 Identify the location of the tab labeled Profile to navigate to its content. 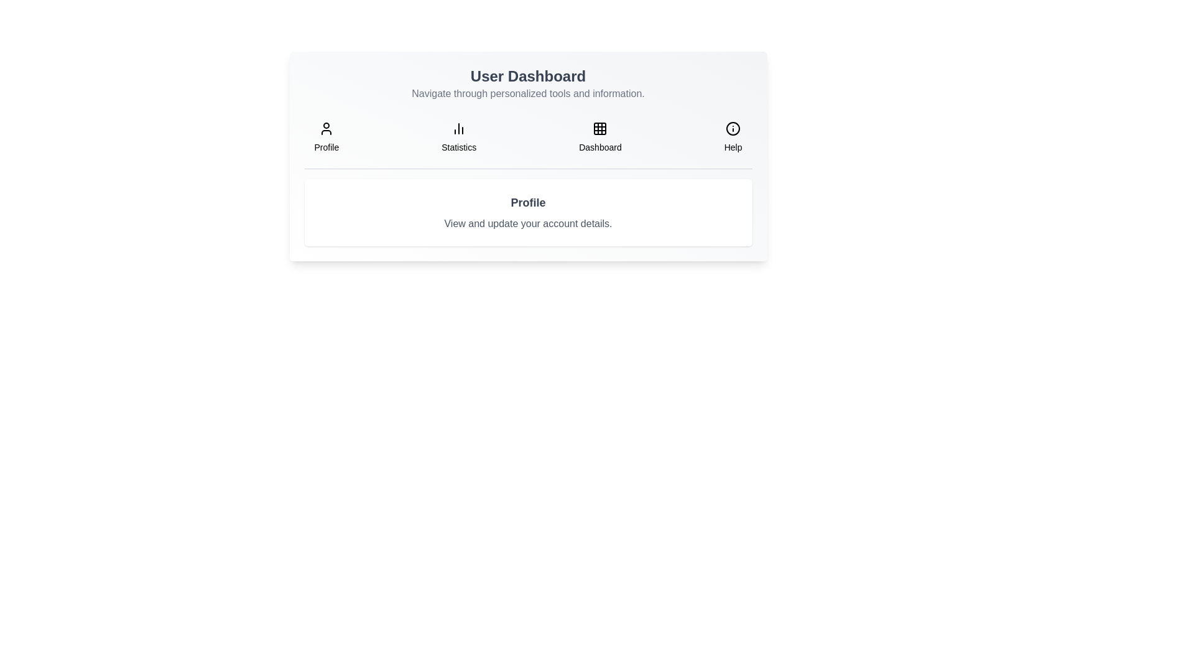
(326, 137).